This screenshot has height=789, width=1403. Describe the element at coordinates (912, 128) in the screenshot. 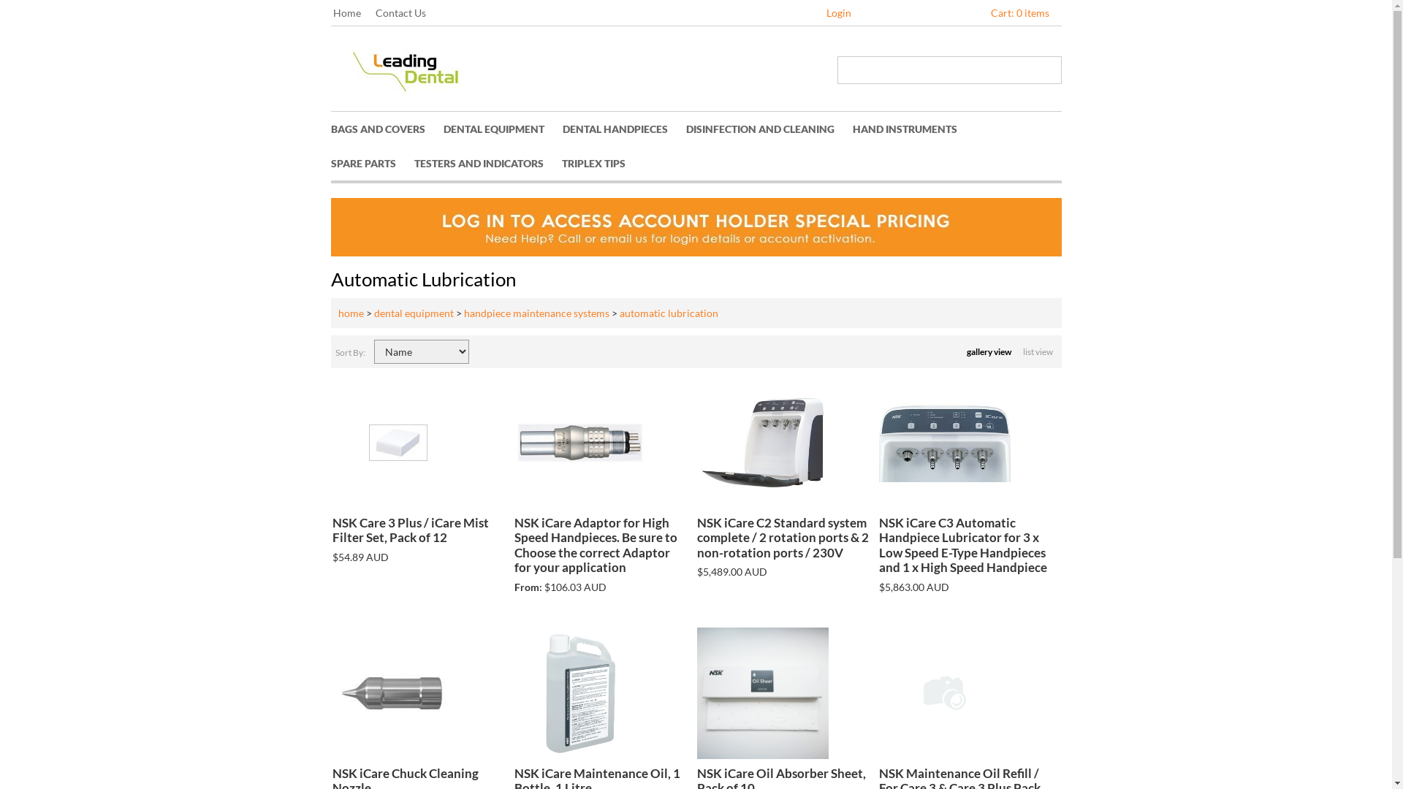

I see `'HAND INSTRUMENTS'` at that location.